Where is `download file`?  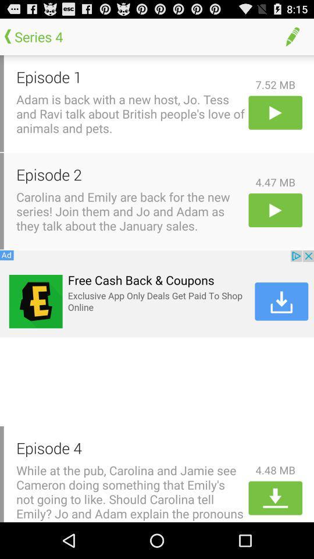
download file is located at coordinates (274, 497).